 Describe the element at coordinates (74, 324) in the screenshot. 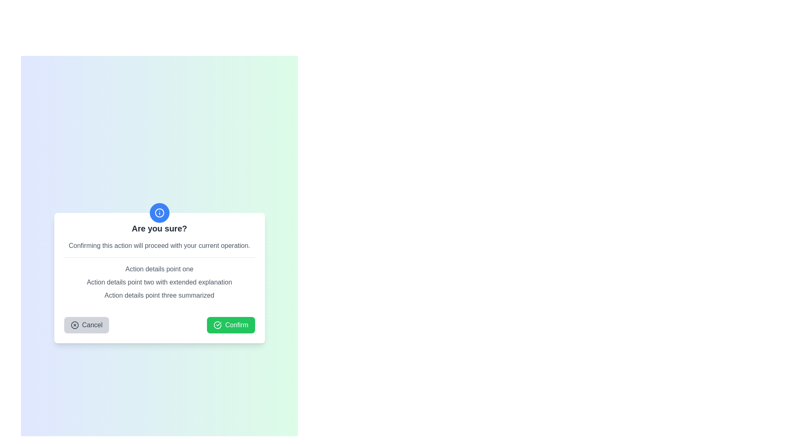

I see `the small circular icon with a cross symbol, located to the left of the 'Cancel' button in the confirmation dialog box` at that location.